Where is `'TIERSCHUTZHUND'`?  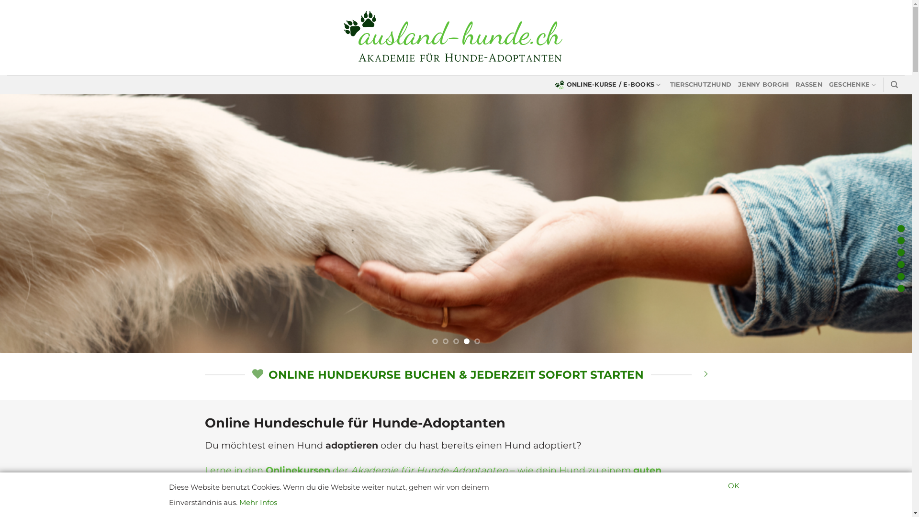
'TIERSCHUTZHUND' is located at coordinates (701, 84).